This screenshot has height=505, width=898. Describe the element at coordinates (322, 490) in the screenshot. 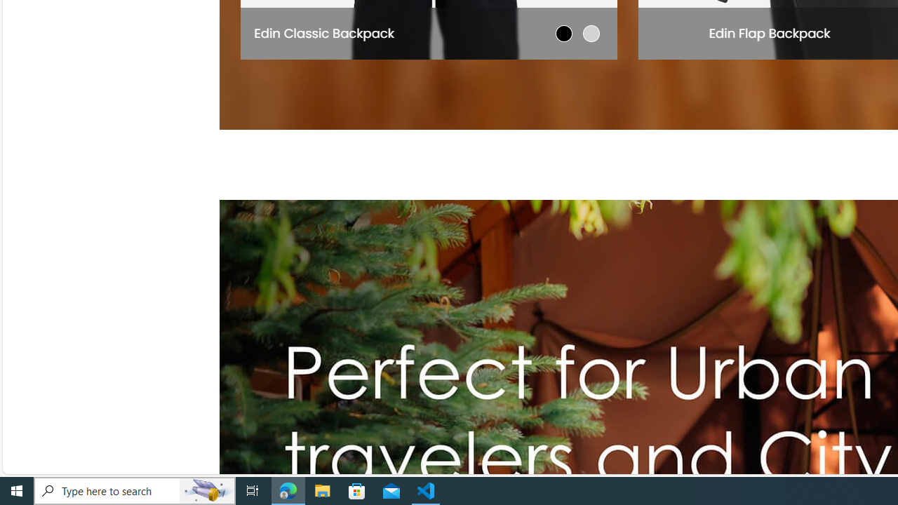

I see `'File Explorer'` at that location.